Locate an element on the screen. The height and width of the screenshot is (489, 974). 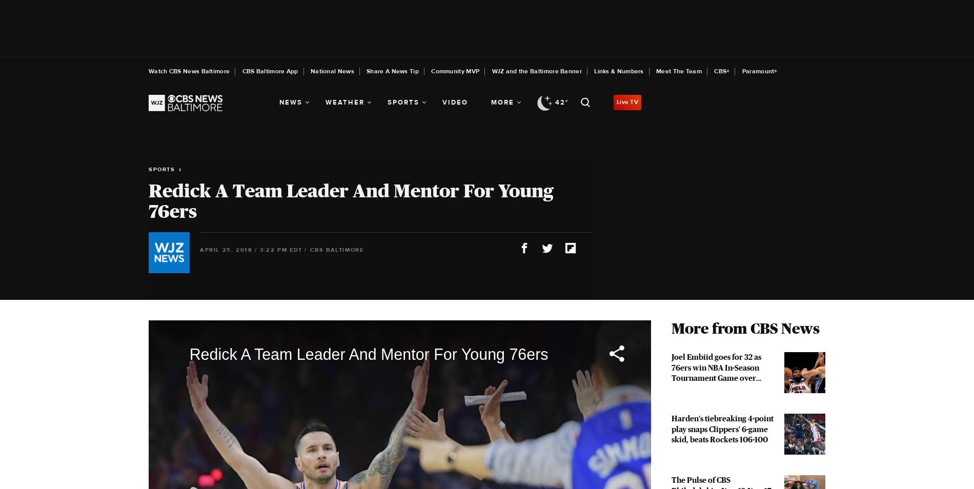
'CBS Baltimore App' is located at coordinates (270, 71).